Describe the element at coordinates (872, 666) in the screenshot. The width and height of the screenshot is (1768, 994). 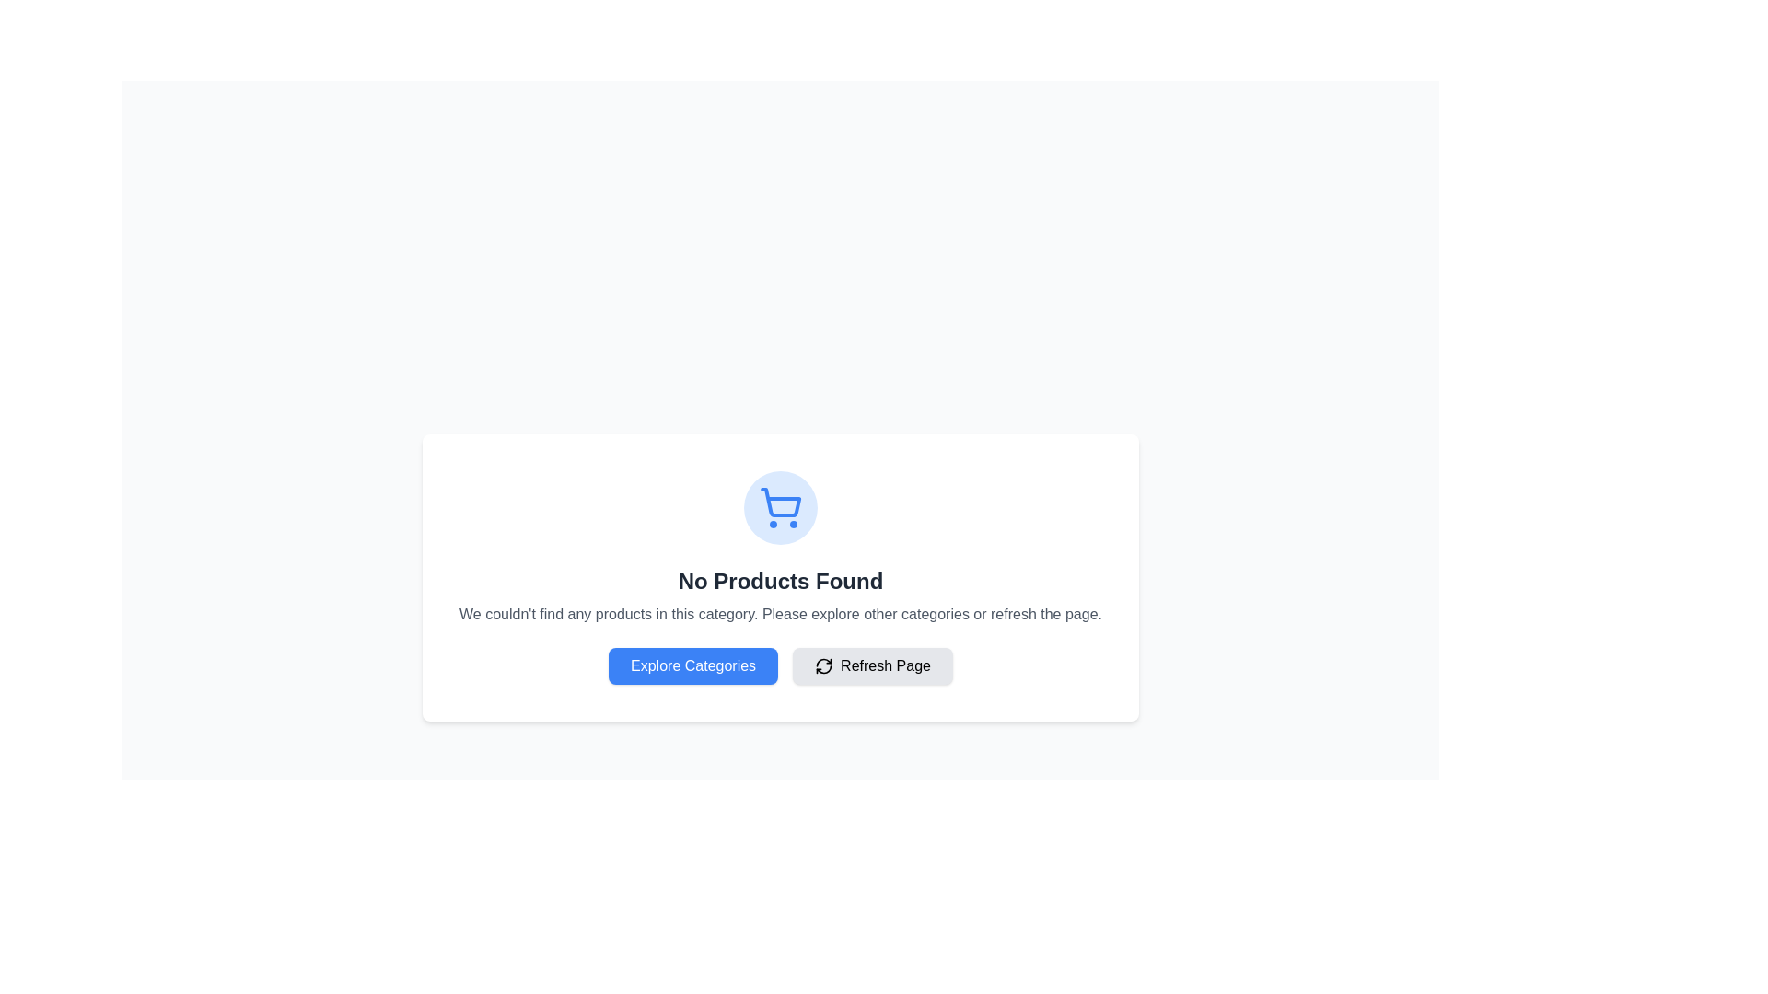
I see `the 'Refresh Page' button, which has a light gray background, rounded corners, and contains a refresh icon next to the text, located near the center of the interface, slightly to the right of the middle, and is the second button on the bottom bar beneath the 'No Products Found' message` at that location.